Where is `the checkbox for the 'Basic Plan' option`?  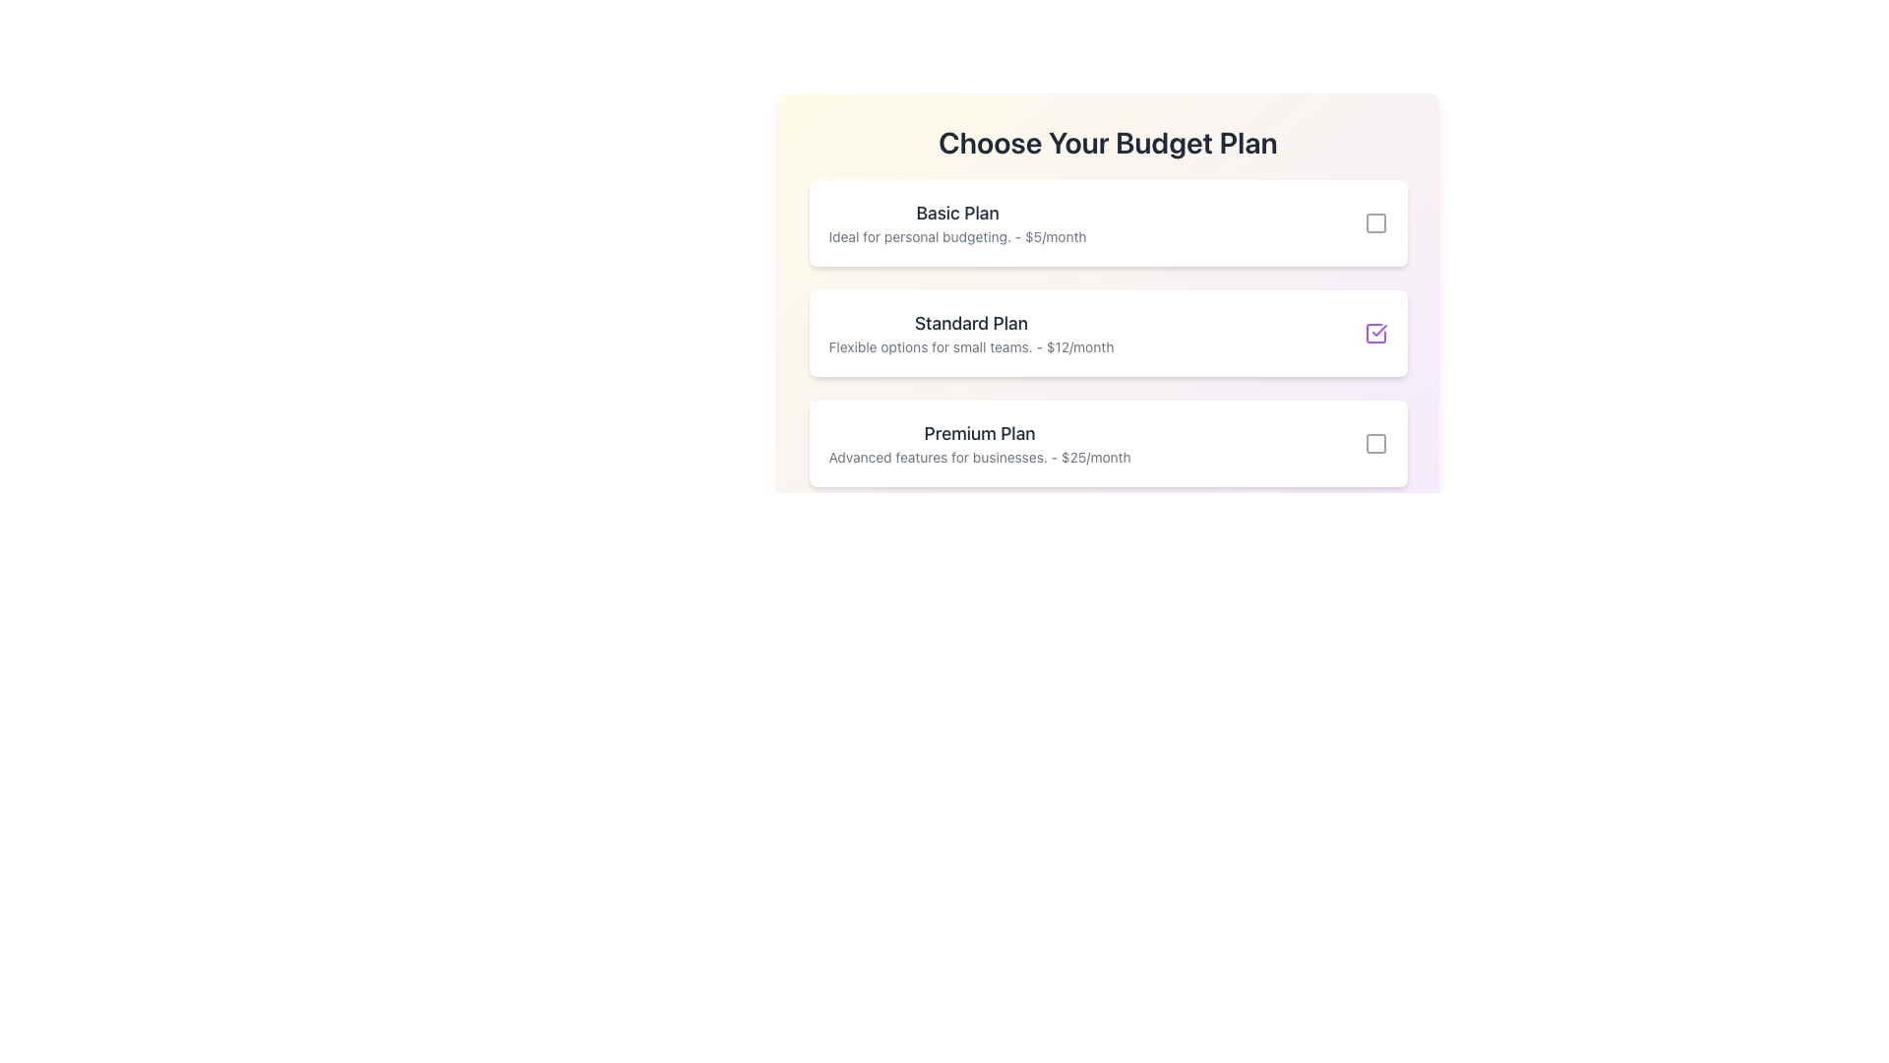 the checkbox for the 'Basic Plan' option is located at coordinates (1374, 222).